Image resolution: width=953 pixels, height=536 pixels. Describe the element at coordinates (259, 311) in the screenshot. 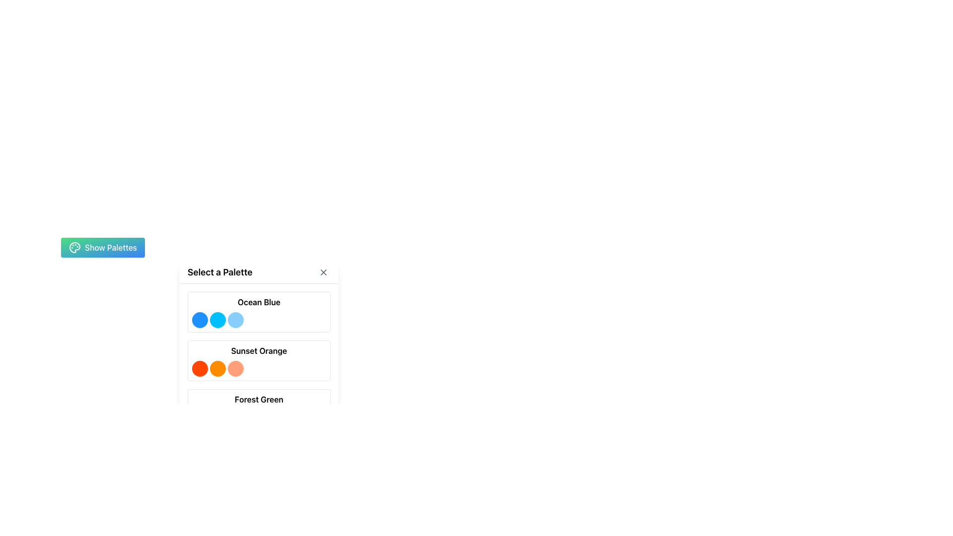

I see `color swatches in the section labeled 'Ocean Blue', which contains three circular swatches in various shades of blue` at that location.